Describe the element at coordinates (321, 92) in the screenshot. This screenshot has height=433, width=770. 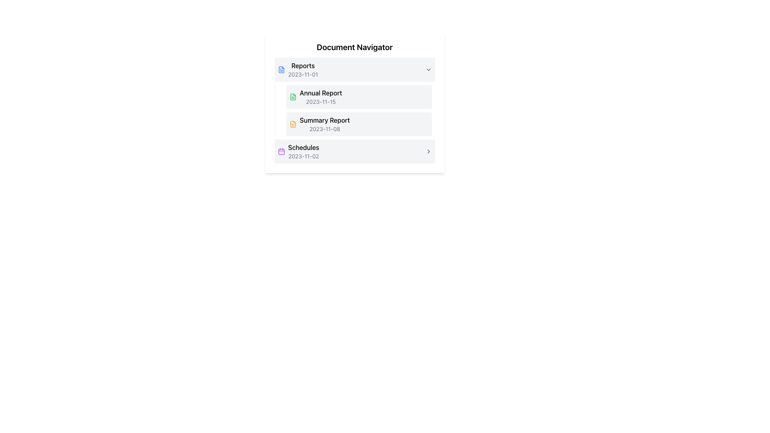
I see `the text label displaying 'Annual Report', which is located in the document navigation section and aligned with the date label below` at that location.